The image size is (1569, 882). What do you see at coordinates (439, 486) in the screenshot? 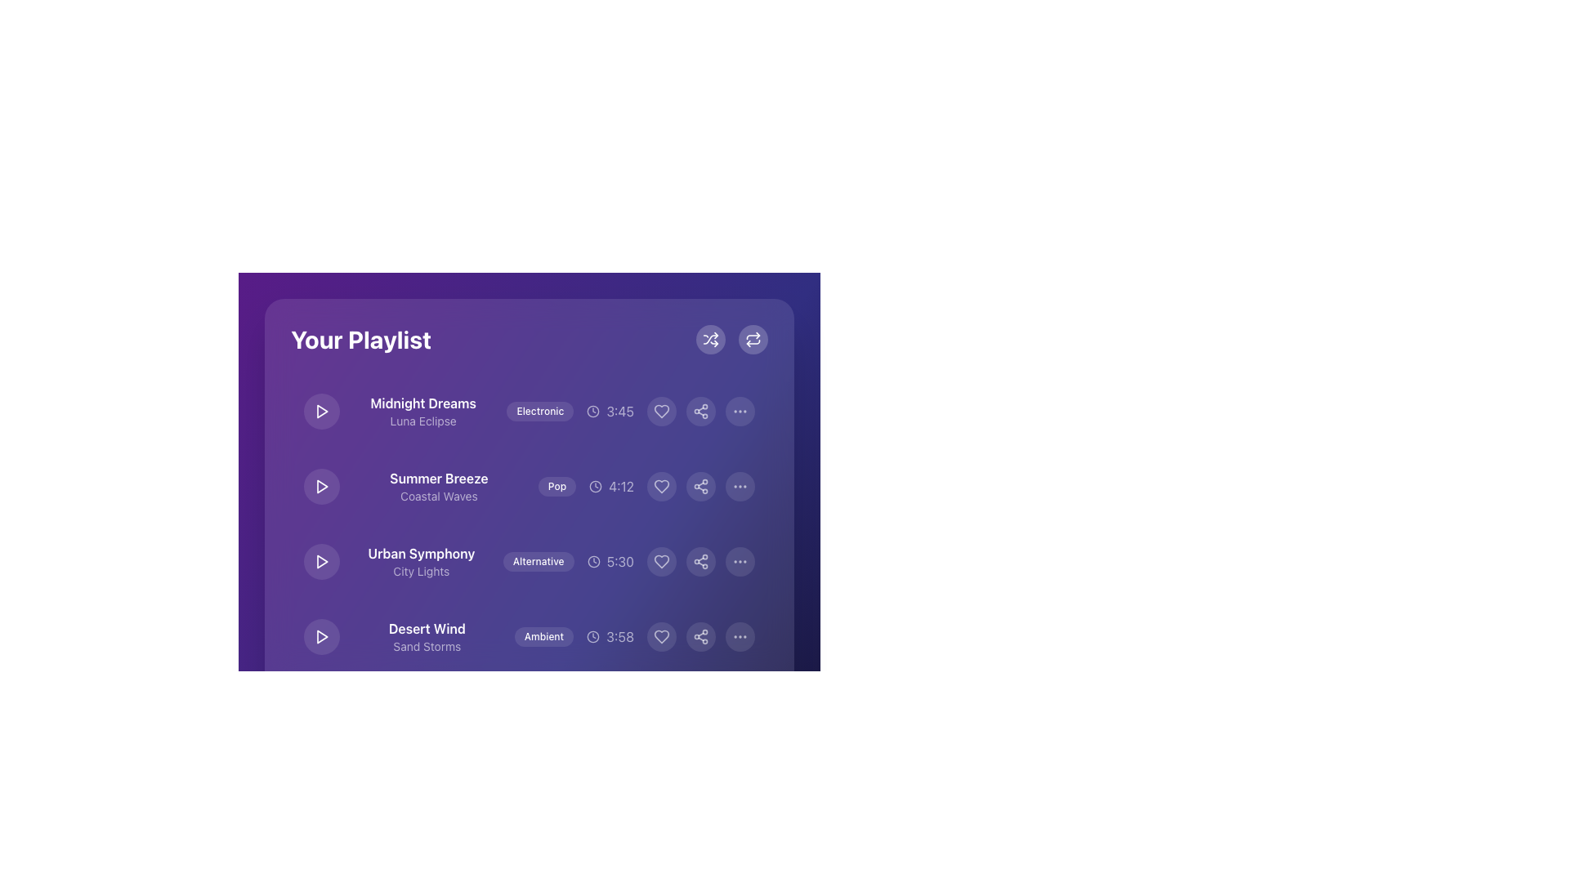
I see `text from the title and subtitle label of the song in the playlist, which is the second item in a vertical list, located between 'Midnight Dreams' and 'Urban Symphony'` at bounding box center [439, 486].